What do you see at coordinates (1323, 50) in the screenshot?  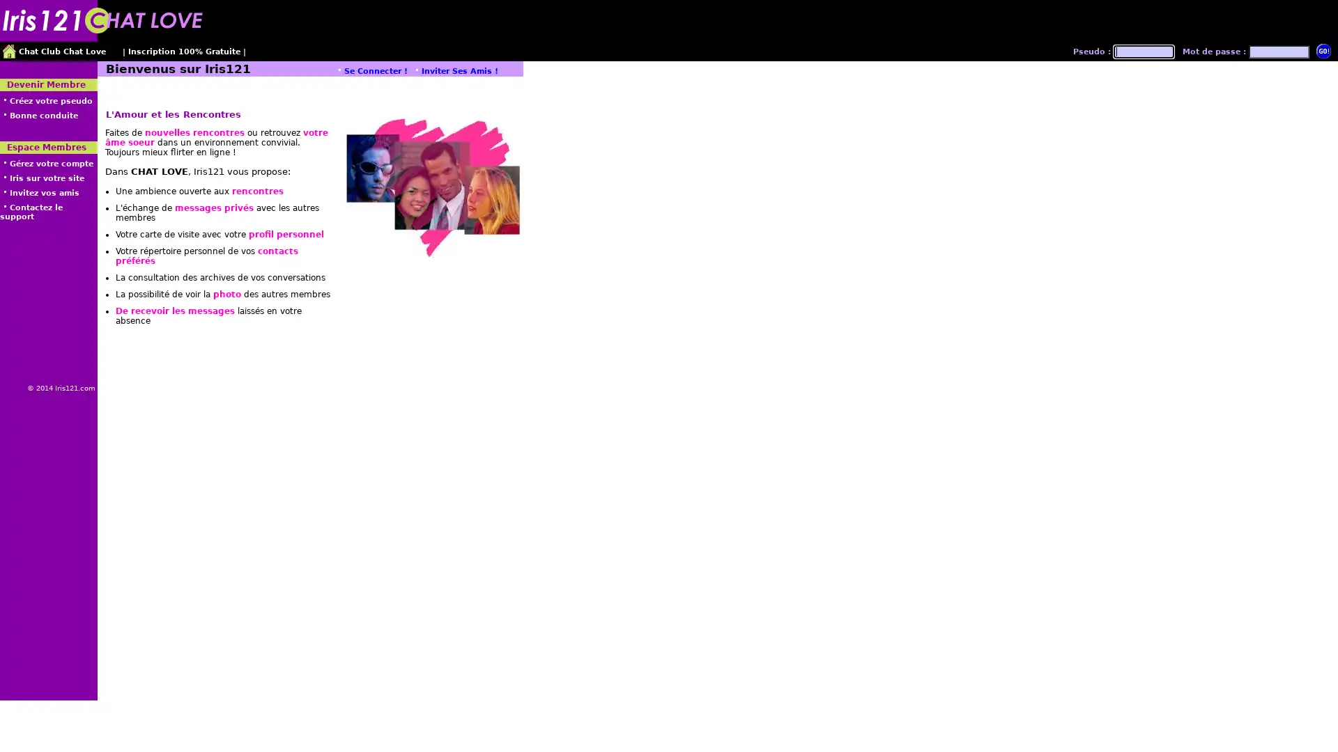 I see `Go!` at bounding box center [1323, 50].